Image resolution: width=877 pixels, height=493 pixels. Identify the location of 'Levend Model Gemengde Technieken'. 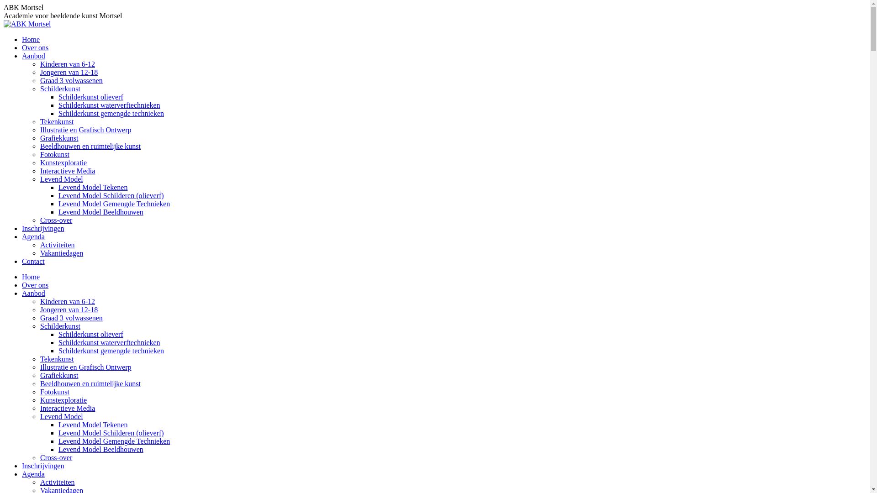
(113, 441).